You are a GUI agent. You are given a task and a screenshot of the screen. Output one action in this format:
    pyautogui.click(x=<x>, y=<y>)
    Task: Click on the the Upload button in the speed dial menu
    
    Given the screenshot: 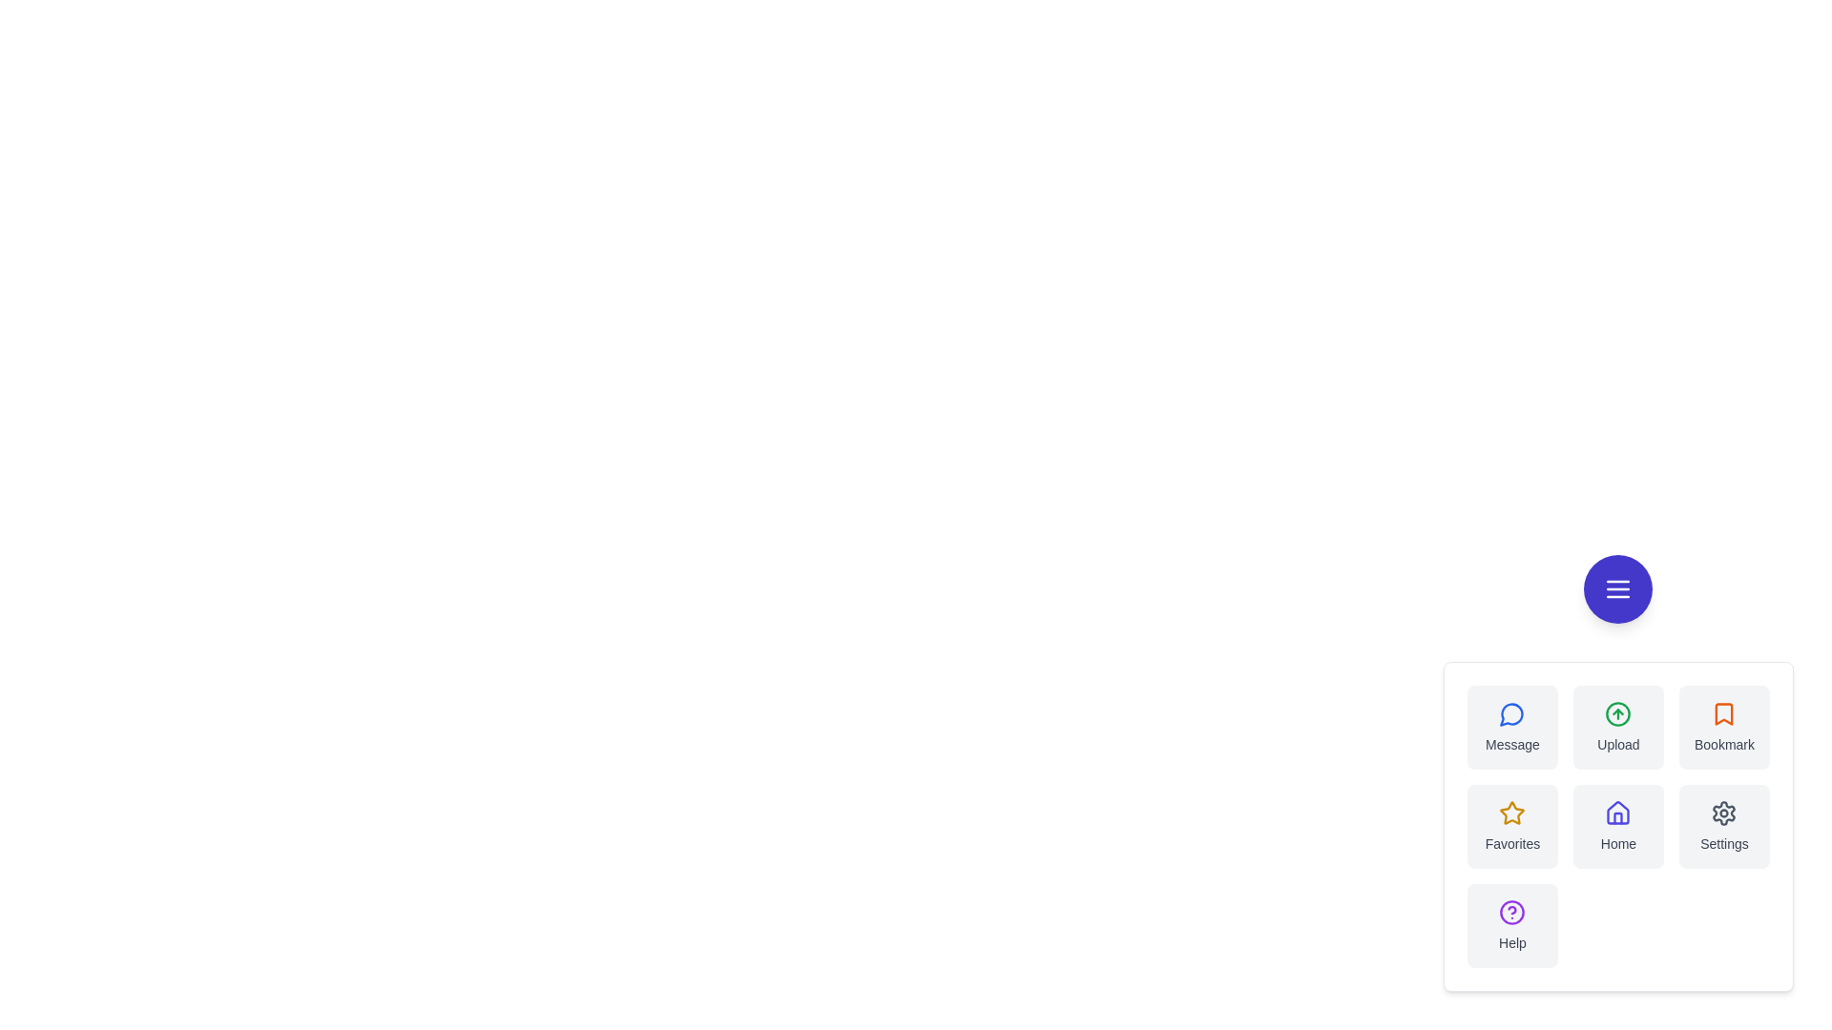 What is the action you would take?
    pyautogui.click(x=1617, y=728)
    